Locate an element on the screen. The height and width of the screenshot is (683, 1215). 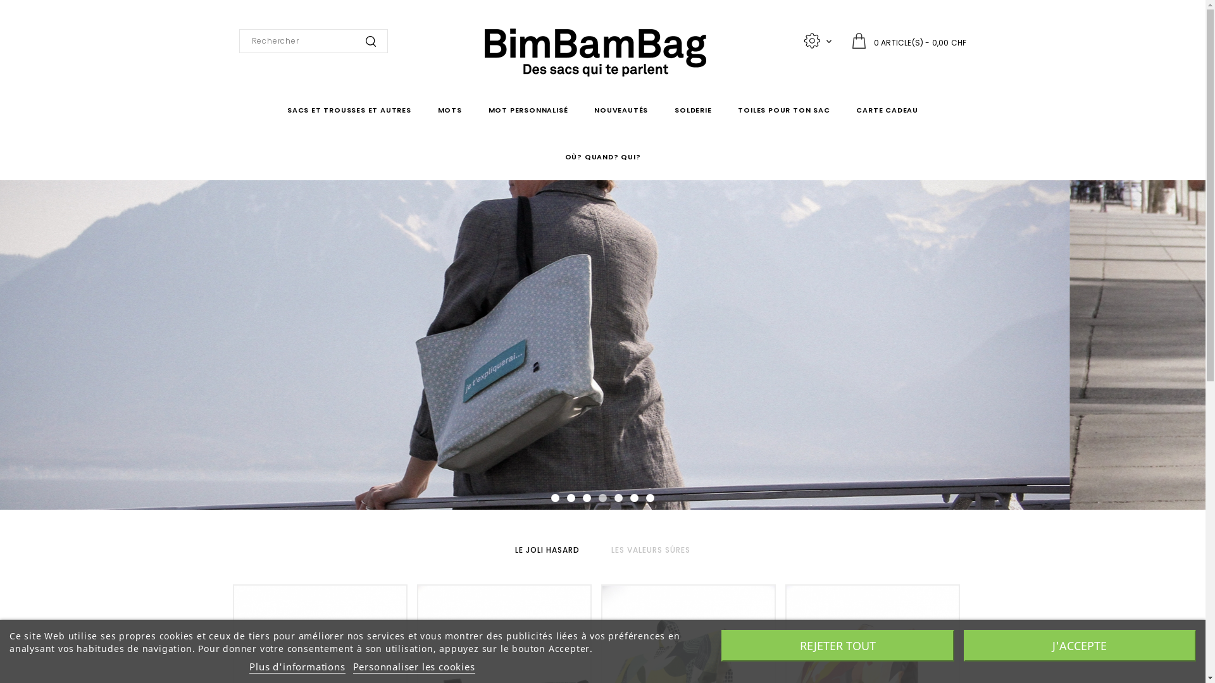
'Personnaliser les cookies' is located at coordinates (414, 666).